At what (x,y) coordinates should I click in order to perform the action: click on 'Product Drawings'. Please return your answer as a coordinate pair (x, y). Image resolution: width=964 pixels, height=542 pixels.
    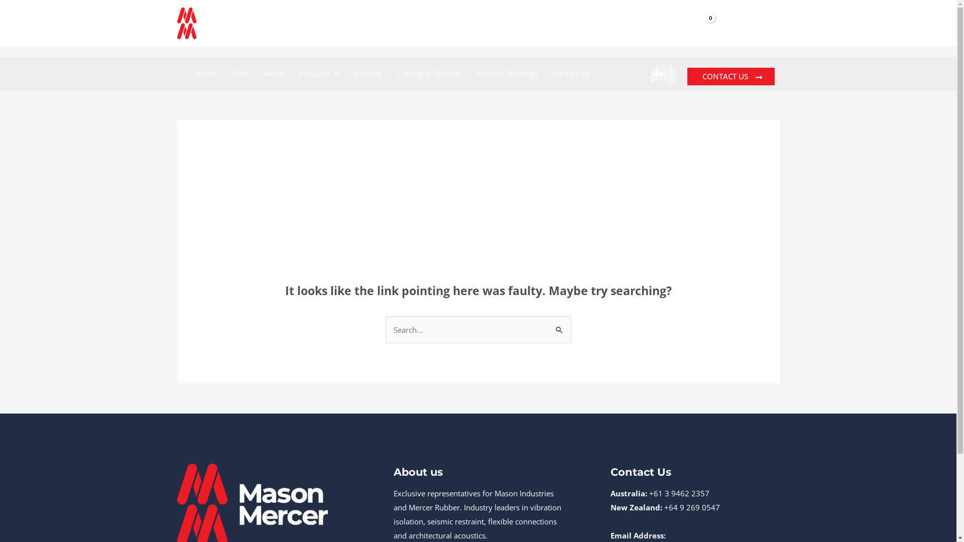
    Looking at the image, I should click on (506, 73).